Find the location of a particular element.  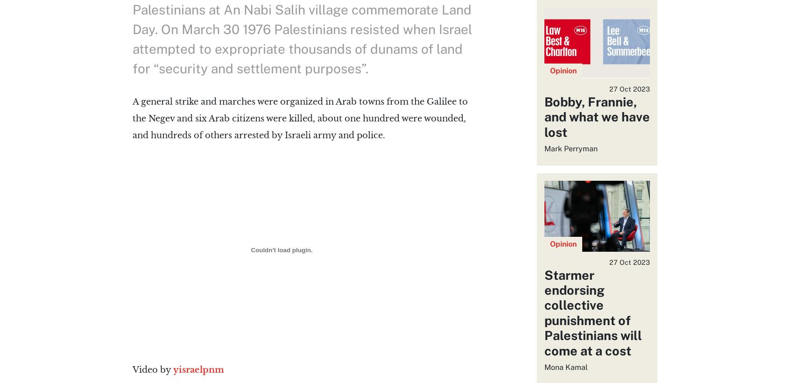

'Palestinians at An Nabi Salih village commemorate Land Day. On March 30 1976 Palestinians resisted when Israel attempted to expropriate thousands of dunams of land for “security and settlement purposes”.' is located at coordinates (302, 39).